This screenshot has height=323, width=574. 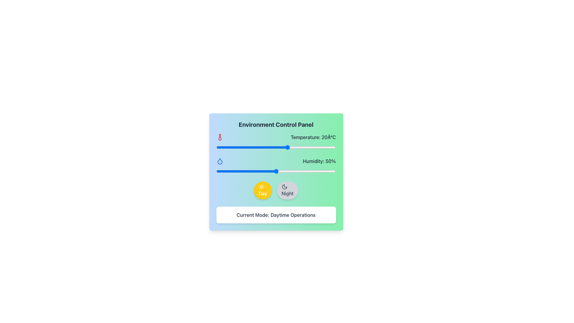 I want to click on the 'Day' button, so click(x=263, y=190).